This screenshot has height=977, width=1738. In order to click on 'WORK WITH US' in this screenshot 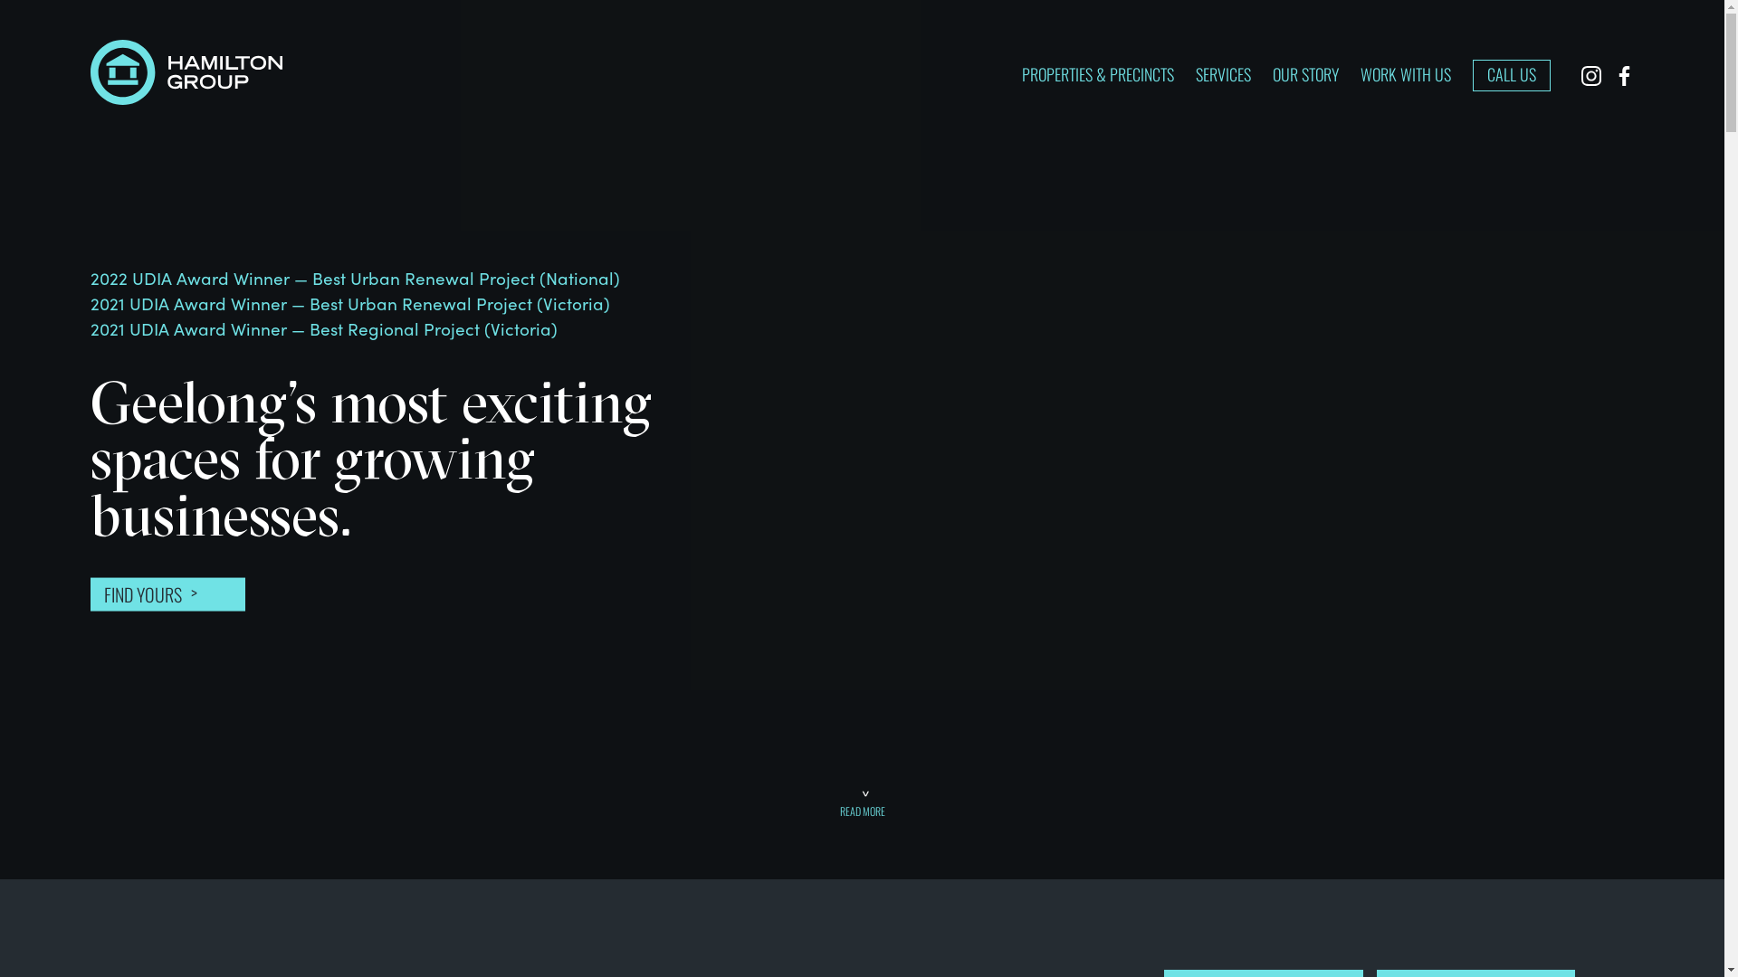, I will do `click(1405, 72)`.